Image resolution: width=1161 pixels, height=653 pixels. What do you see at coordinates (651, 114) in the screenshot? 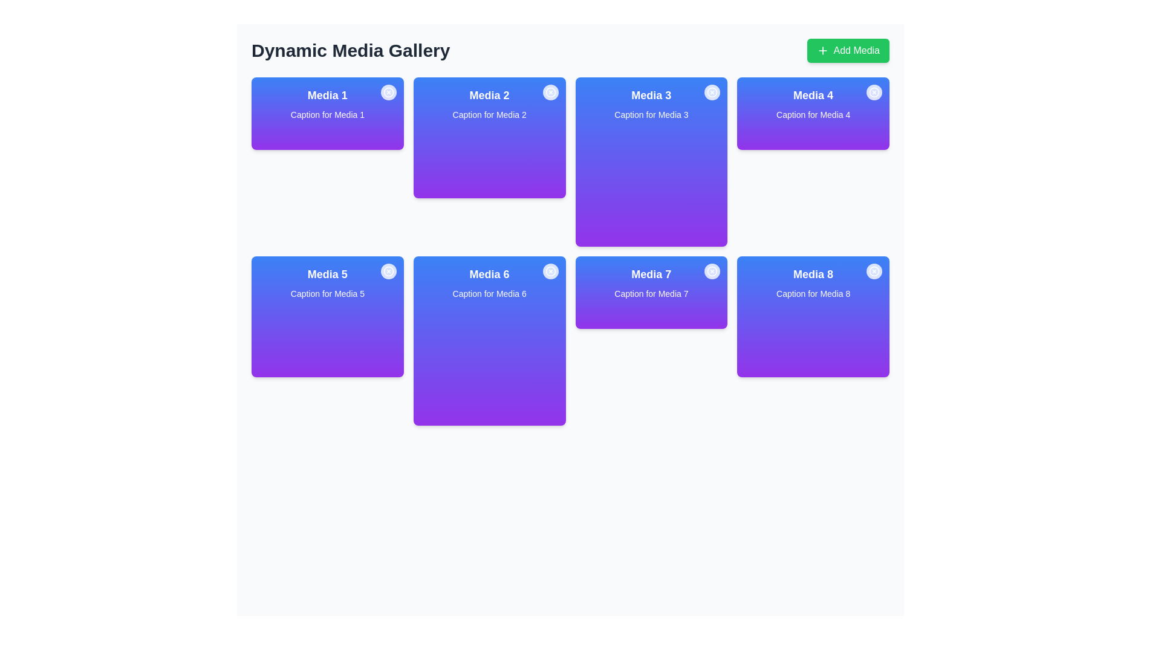
I see `the text label that reads 'Caption for Media 3', which is styled with a small font size and white text color, located at the bottom of the Media 3 card, directly below the 'Media 3' title text` at bounding box center [651, 114].